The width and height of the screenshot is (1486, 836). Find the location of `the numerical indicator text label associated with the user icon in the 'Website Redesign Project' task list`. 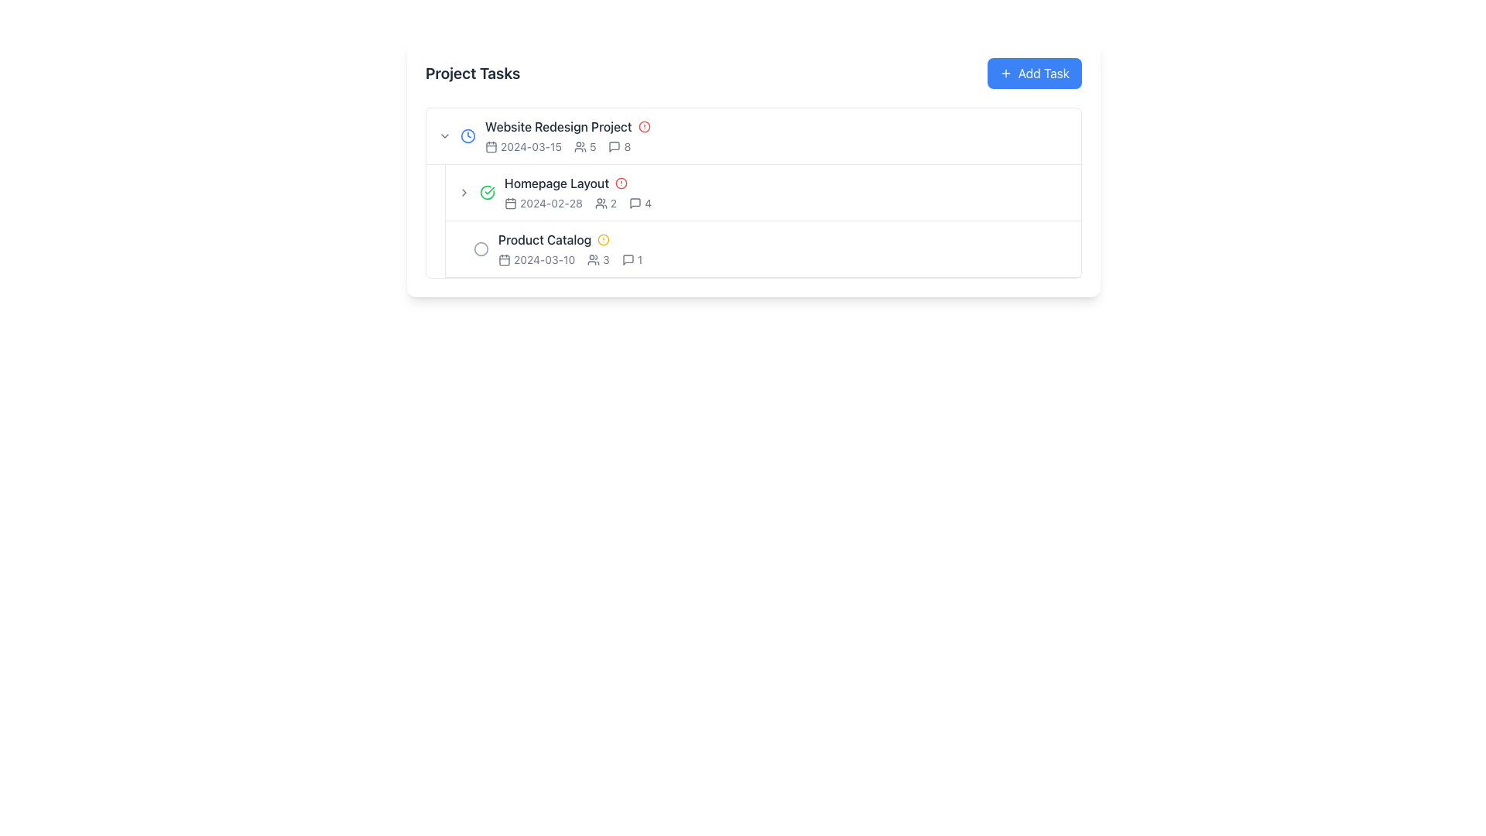

the numerical indicator text label associated with the user icon in the 'Website Redesign Project' task list is located at coordinates (592, 146).